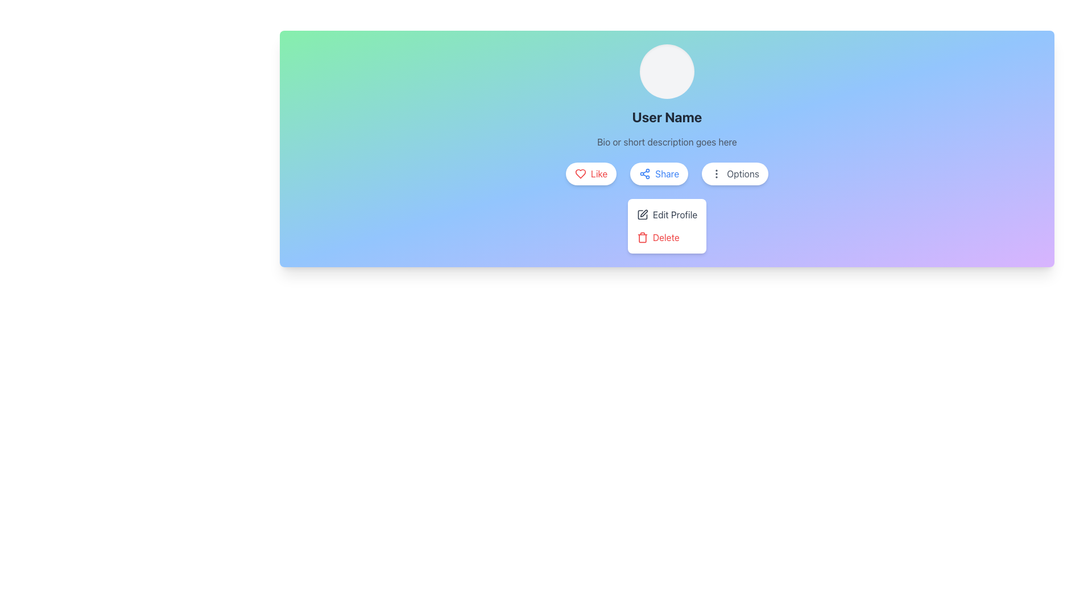 The height and width of the screenshot is (614, 1092). Describe the element at coordinates (591, 173) in the screenshot. I see `the 'Like' button, which features a heart icon and red text` at that location.